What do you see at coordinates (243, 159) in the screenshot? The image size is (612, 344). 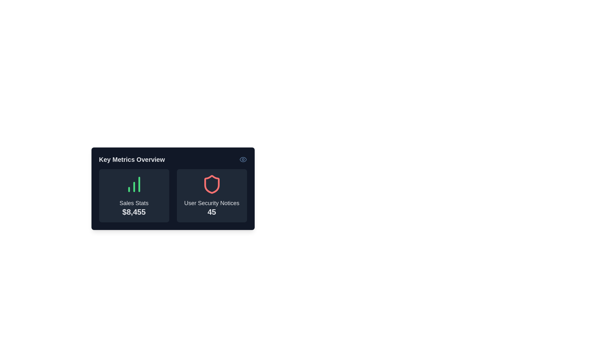 I see `the visual change of the decorative graphic that is an elliptical shape with a blue outline, part of an icon resembling an eye, located in the top-right corner of the 'Key Metrics Overview' panel` at bounding box center [243, 159].